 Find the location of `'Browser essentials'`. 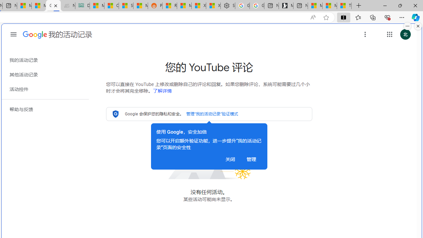

'Browser essentials' is located at coordinates (387, 17).